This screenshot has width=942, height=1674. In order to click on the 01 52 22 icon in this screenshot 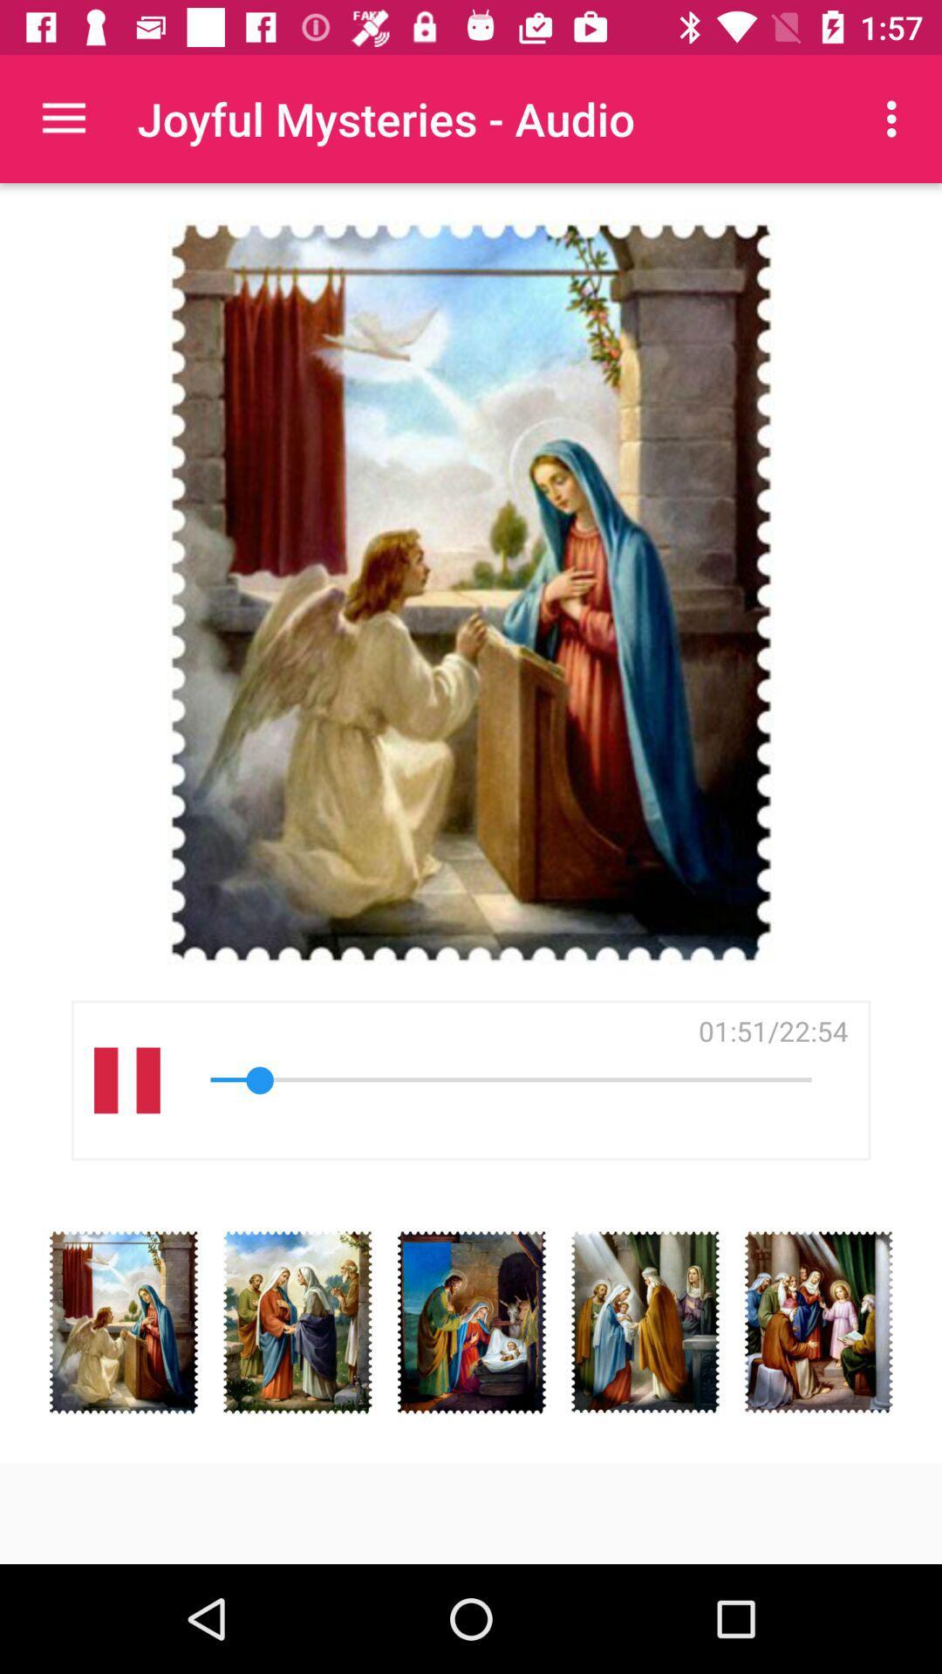, I will do `click(772, 1031)`.